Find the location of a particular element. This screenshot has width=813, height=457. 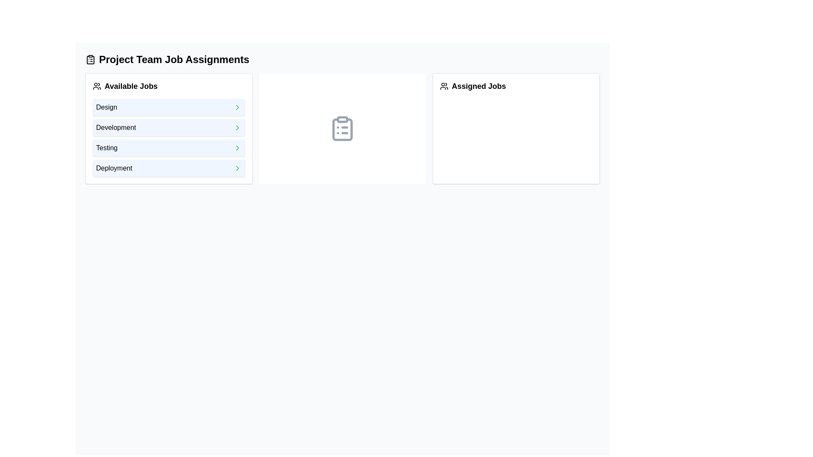

the green arrow-shaped button at the far right of the 'Design' row in the 'Available Jobs' list is located at coordinates (237, 107).